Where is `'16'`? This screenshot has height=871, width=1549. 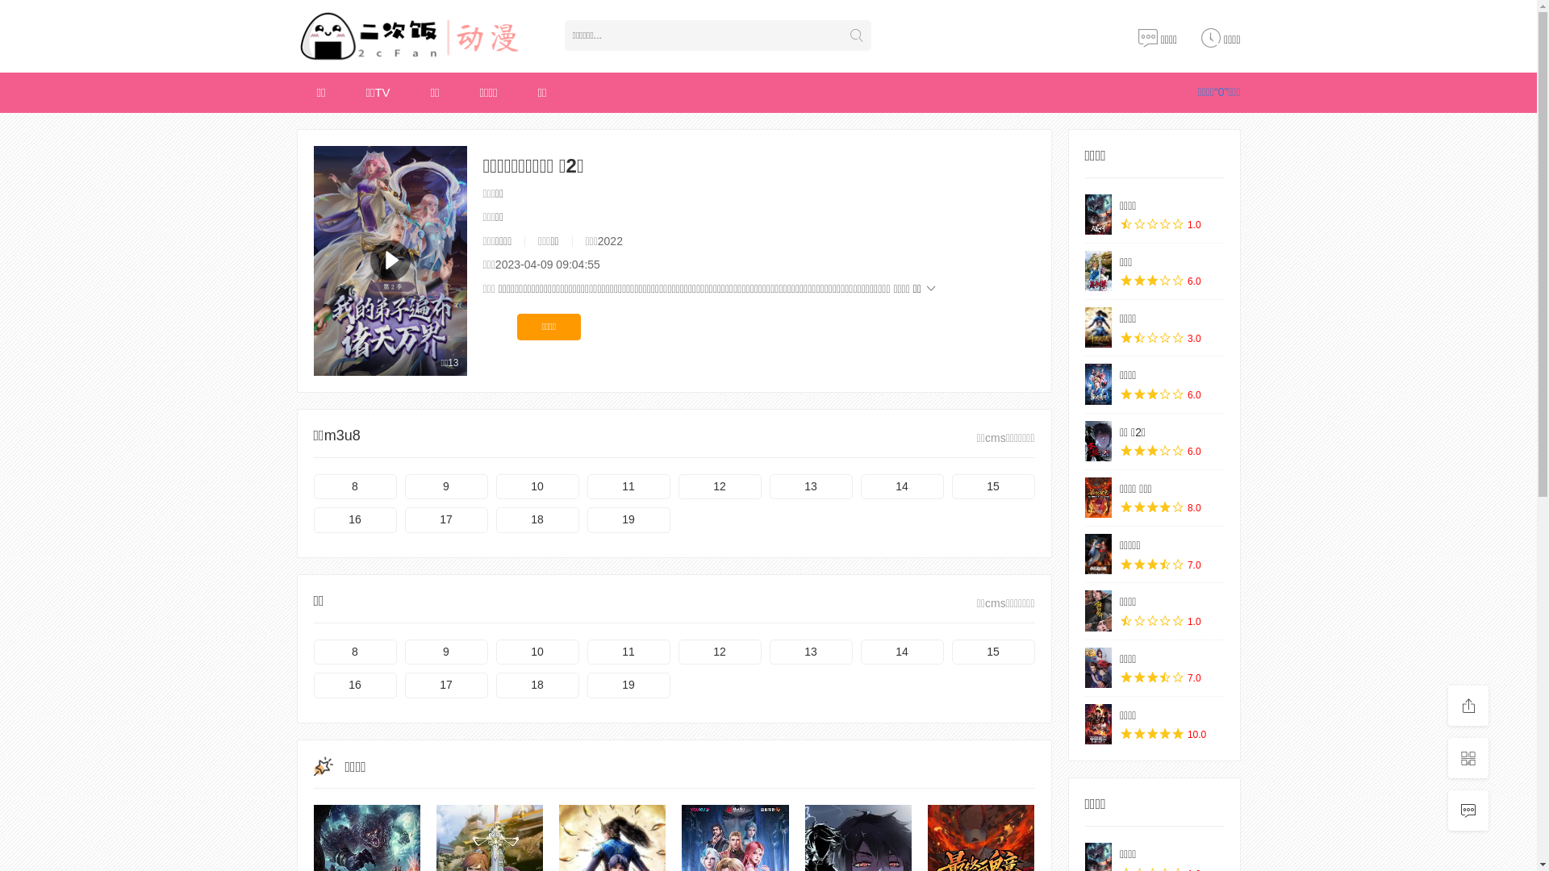
'16' is located at coordinates (353, 685).